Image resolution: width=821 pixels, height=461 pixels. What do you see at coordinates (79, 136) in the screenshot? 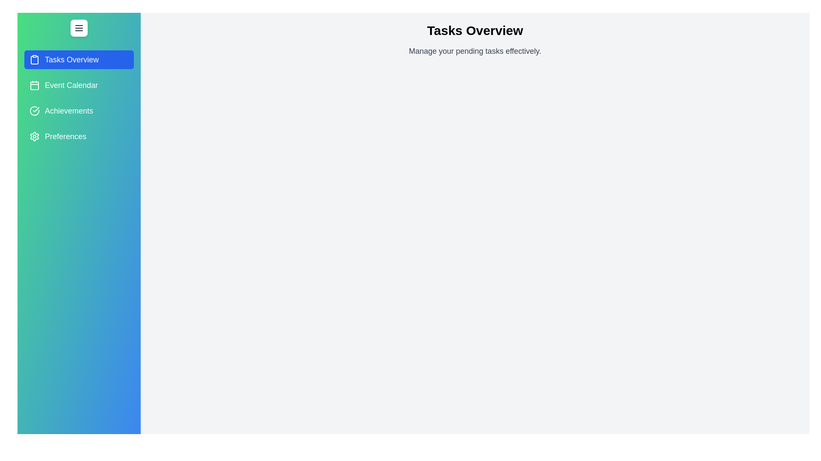
I see `the tab named Preferences from the drawer menu` at bounding box center [79, 136].